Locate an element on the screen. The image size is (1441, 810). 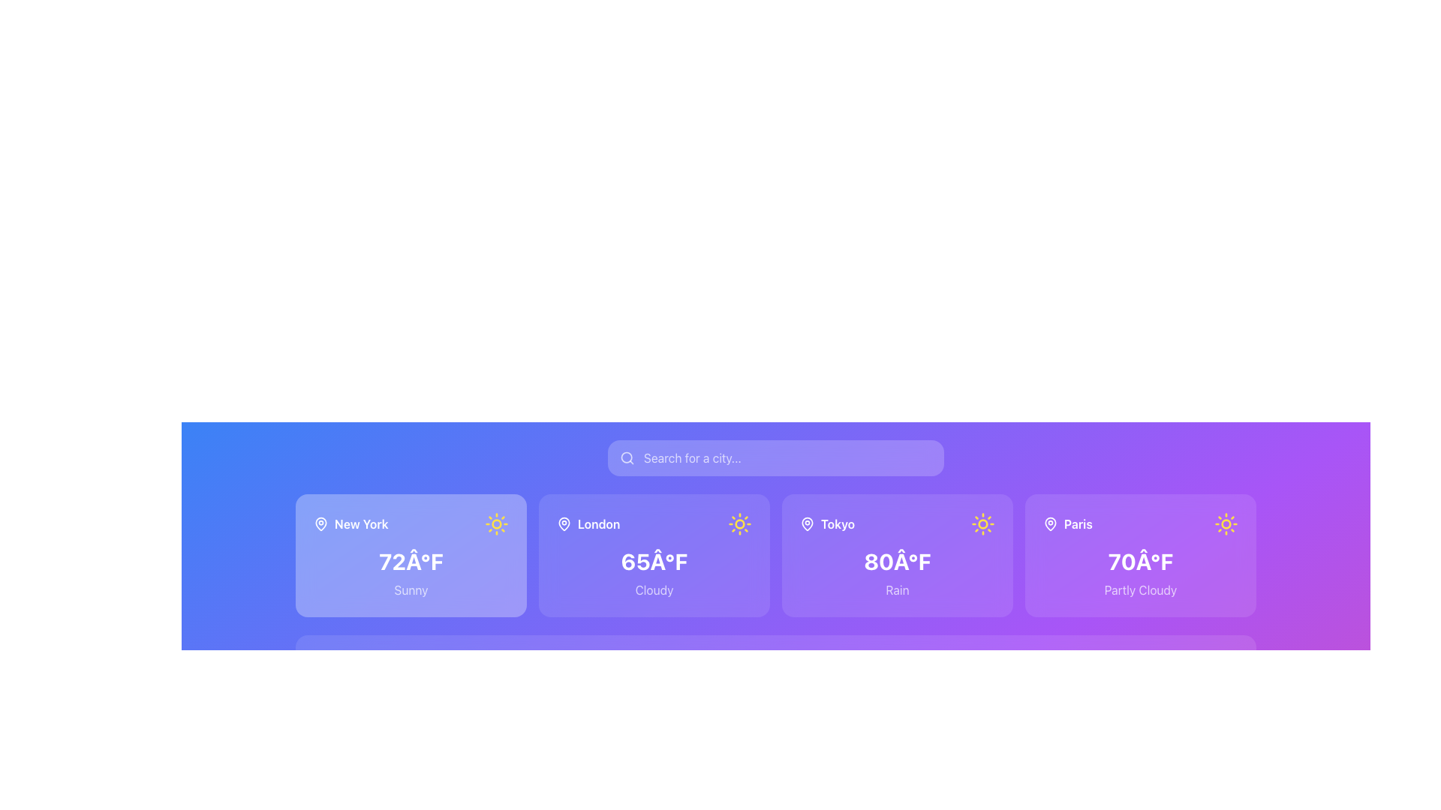
the sunny weather icon representing the current weather condition for Paris, located at the top-right corner of the Paris weather card is located at coordinates (1226, 523).